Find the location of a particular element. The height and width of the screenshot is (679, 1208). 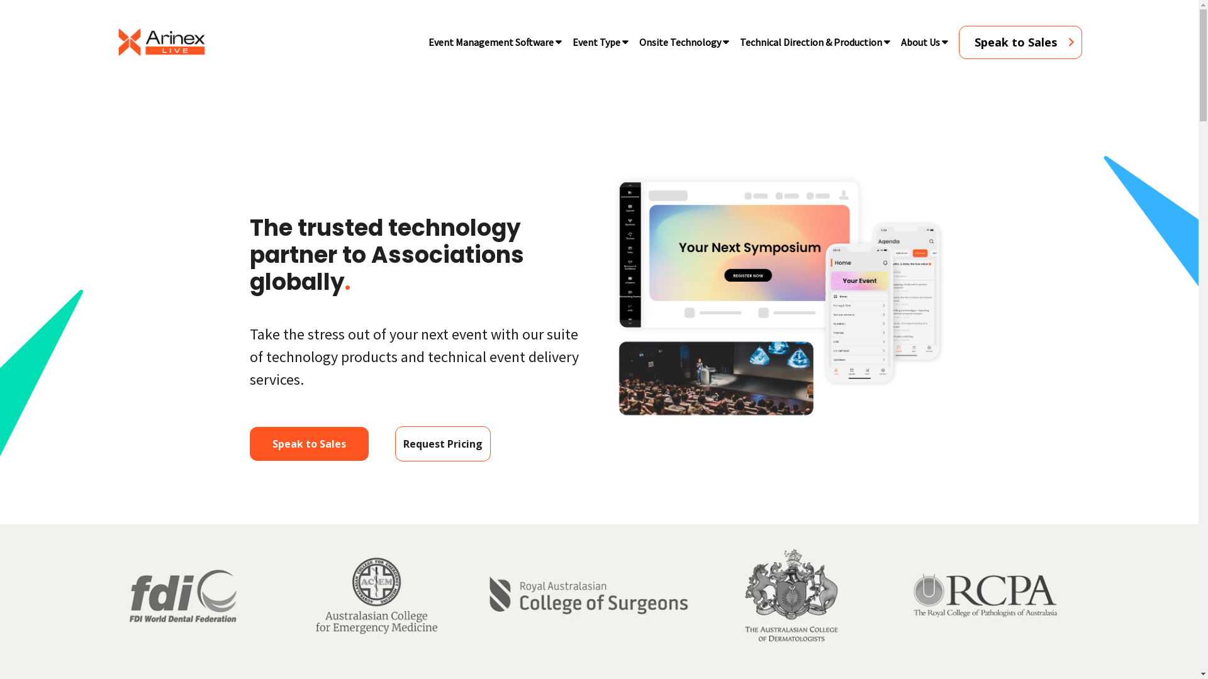

'Request Pricing' is located at coordinates (394, 443).